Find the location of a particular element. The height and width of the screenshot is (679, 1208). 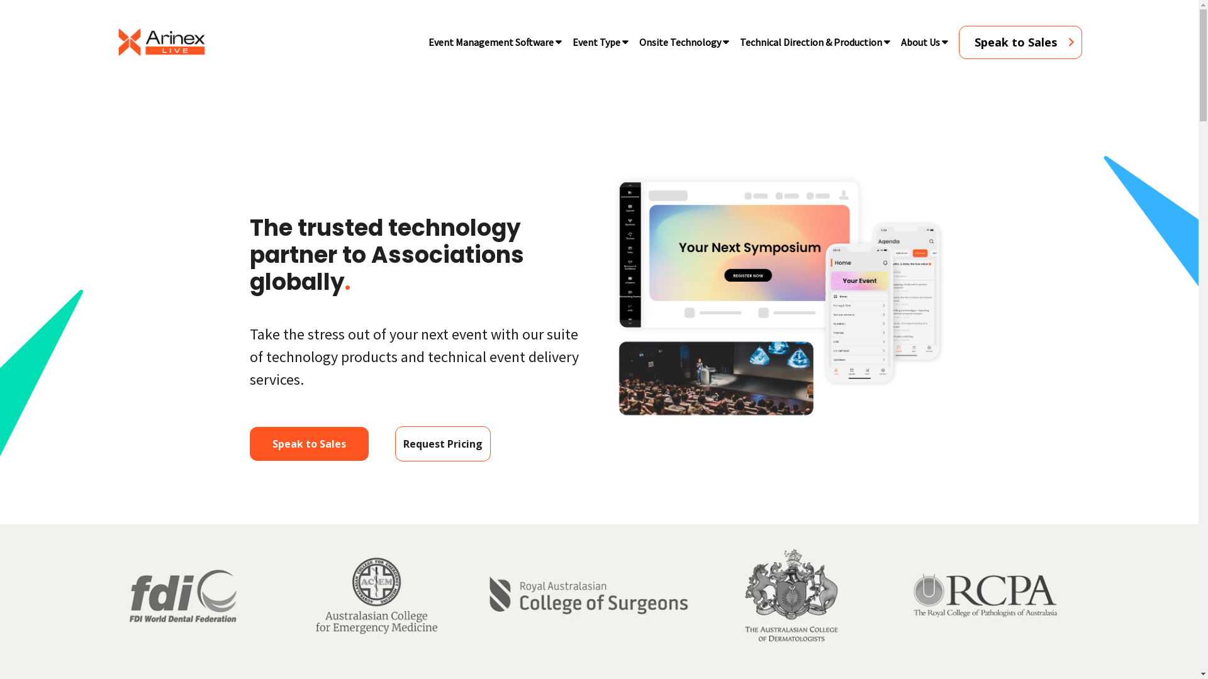

'Request Pricing' is located at coordinates (394, 443).